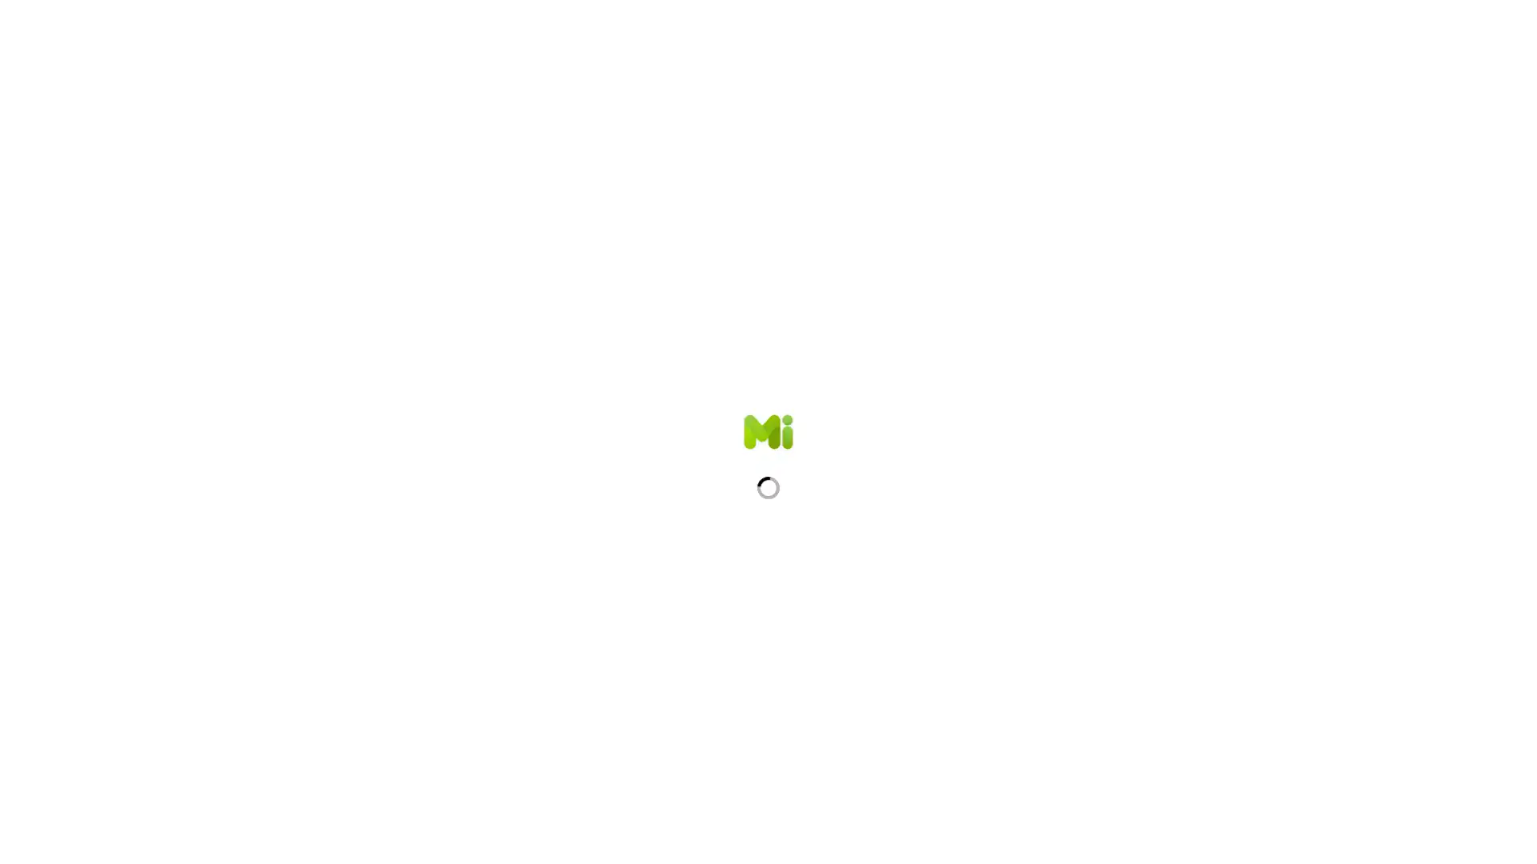 This screenshot has height=864, width=1537. What do you see at coordinates (1268, 24) in the screenshot?
I see `Search` at bounding box center [1268, 24].